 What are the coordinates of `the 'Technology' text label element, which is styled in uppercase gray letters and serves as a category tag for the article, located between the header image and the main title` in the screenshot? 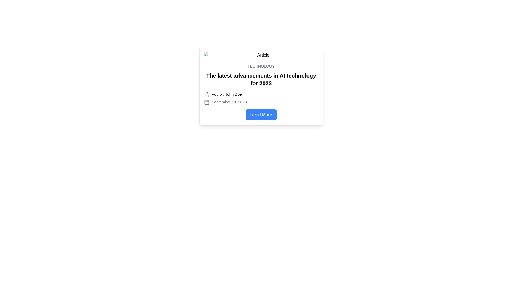 It's located at (261, 66).